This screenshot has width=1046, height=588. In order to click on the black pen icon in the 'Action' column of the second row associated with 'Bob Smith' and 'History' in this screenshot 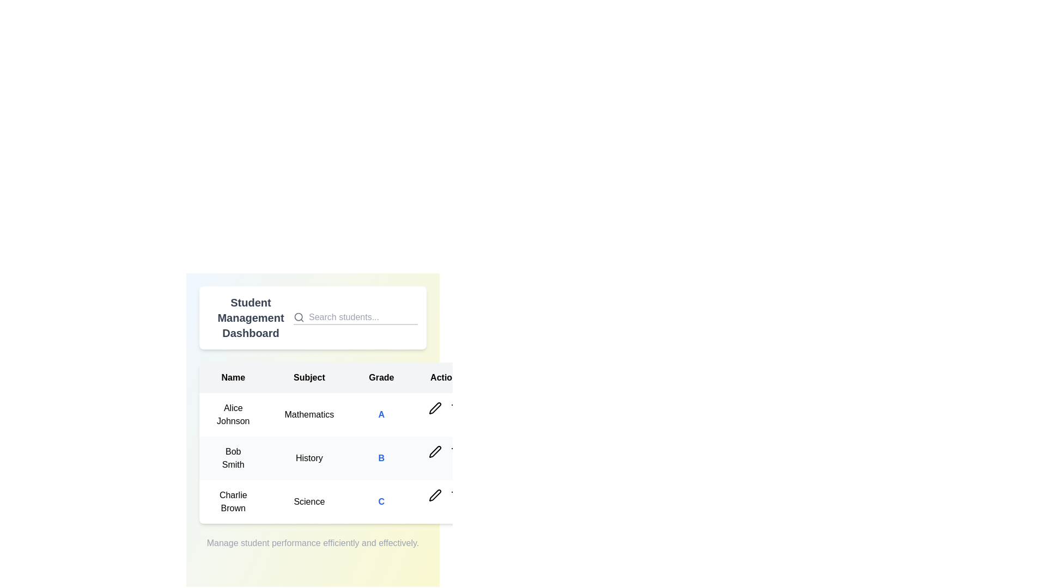, I will do `click(435, 451)`.